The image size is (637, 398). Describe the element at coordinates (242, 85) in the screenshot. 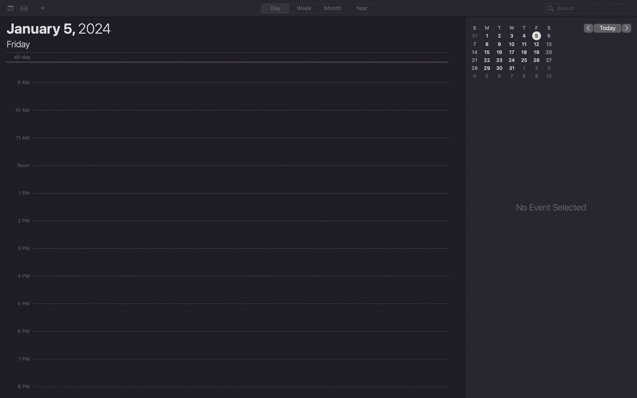

I see `Scroll from 9 am to 1 pm to create an event` at that location.